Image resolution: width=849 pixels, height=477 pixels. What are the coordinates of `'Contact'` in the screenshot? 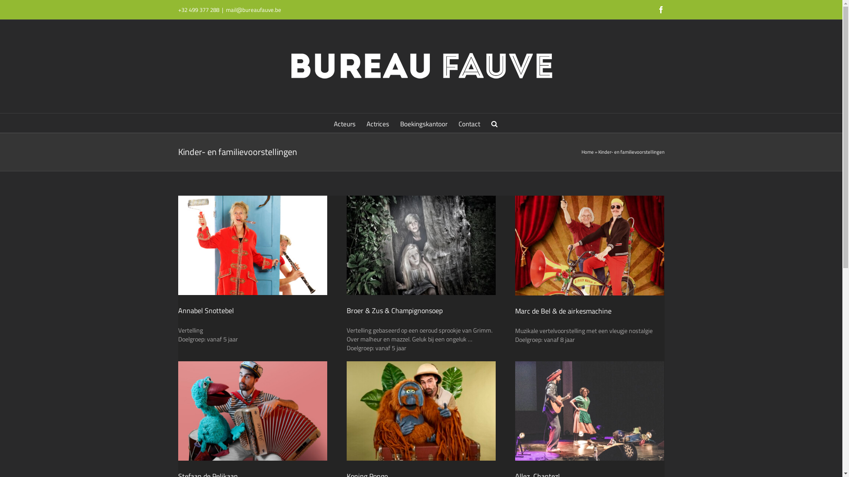 It's located at (469, 123).